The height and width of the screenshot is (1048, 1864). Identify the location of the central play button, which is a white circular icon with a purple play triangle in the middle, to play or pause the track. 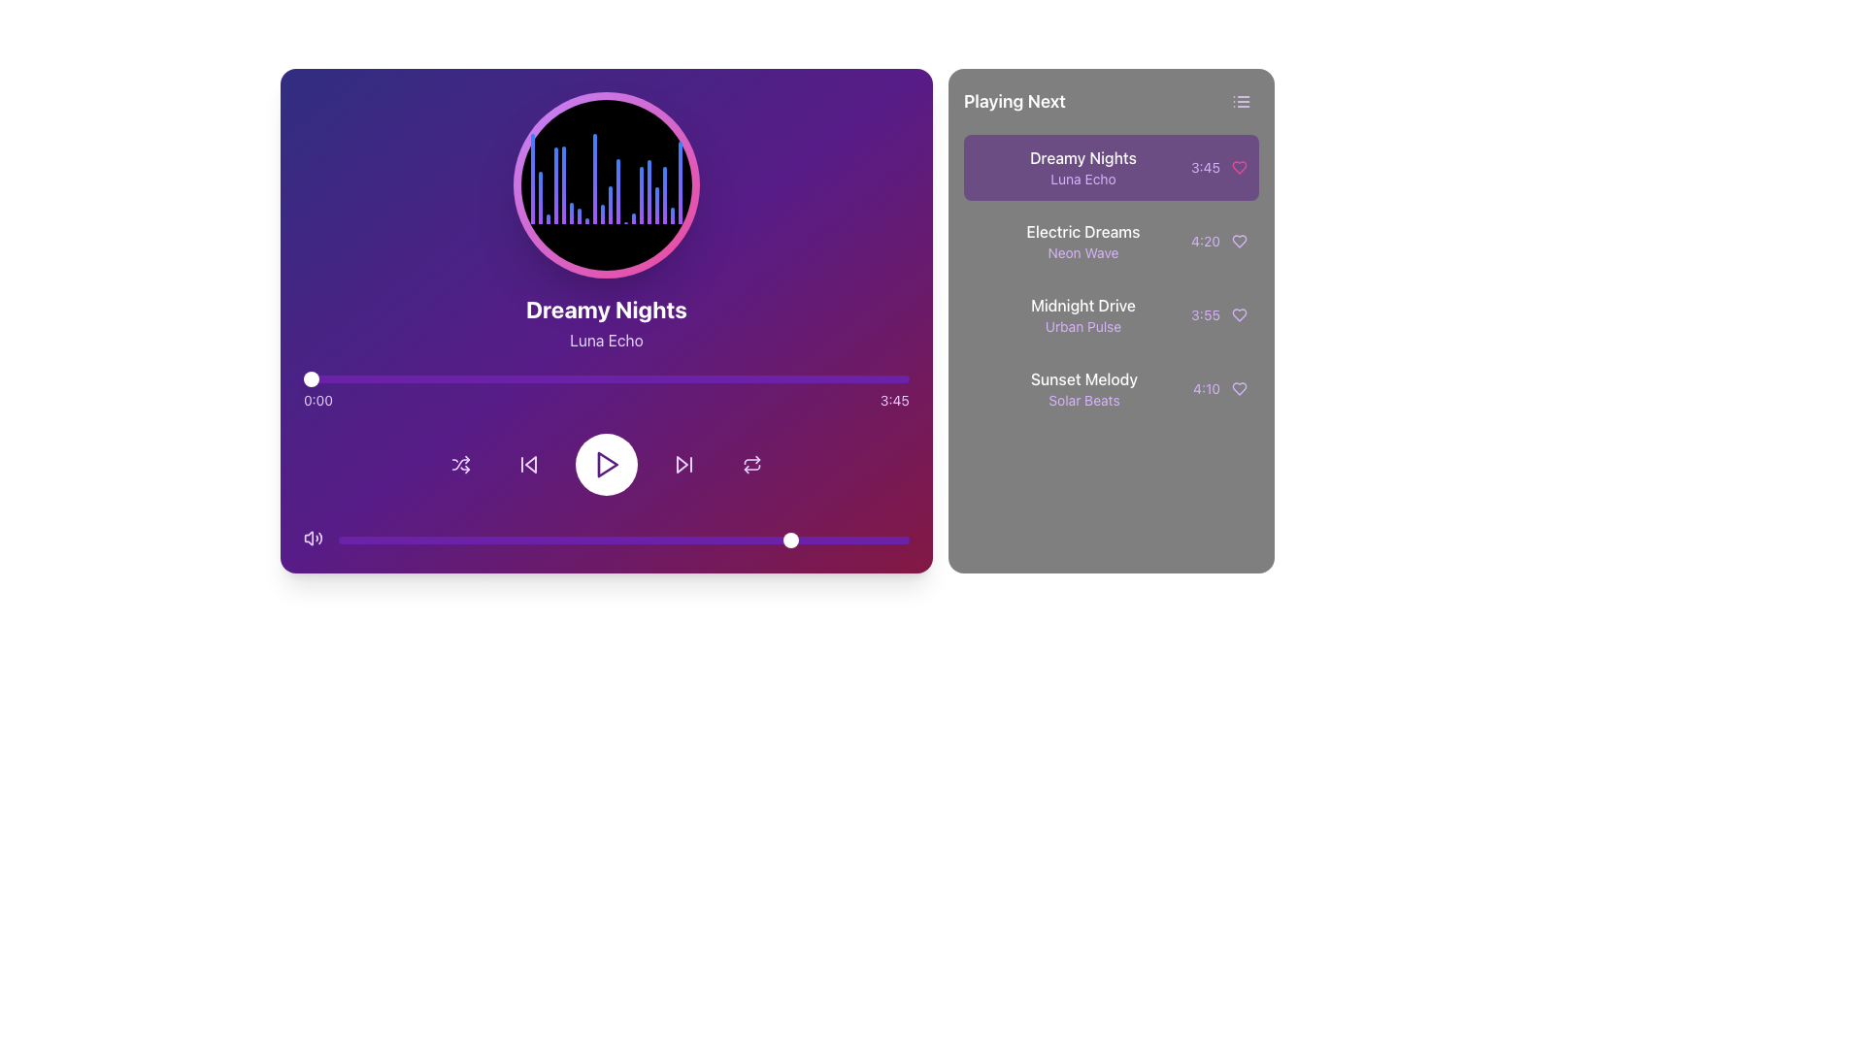
(605, 464).